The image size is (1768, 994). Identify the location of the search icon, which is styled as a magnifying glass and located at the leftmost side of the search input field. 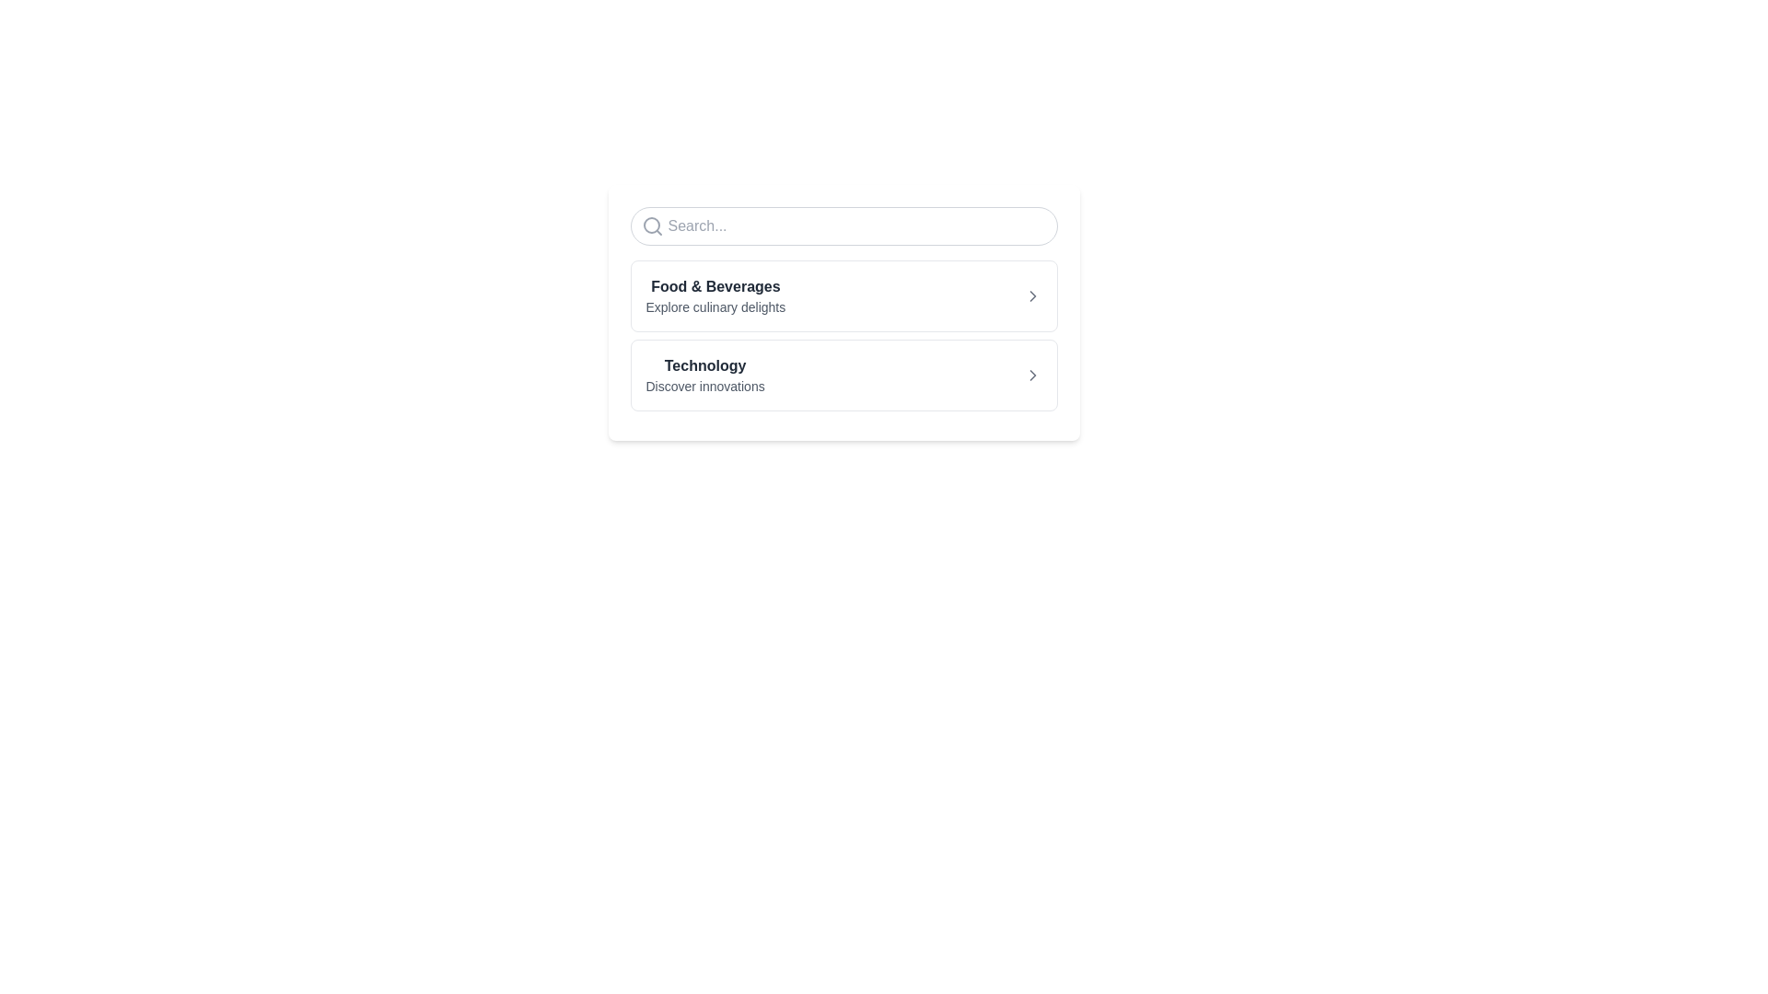
(652, 225).